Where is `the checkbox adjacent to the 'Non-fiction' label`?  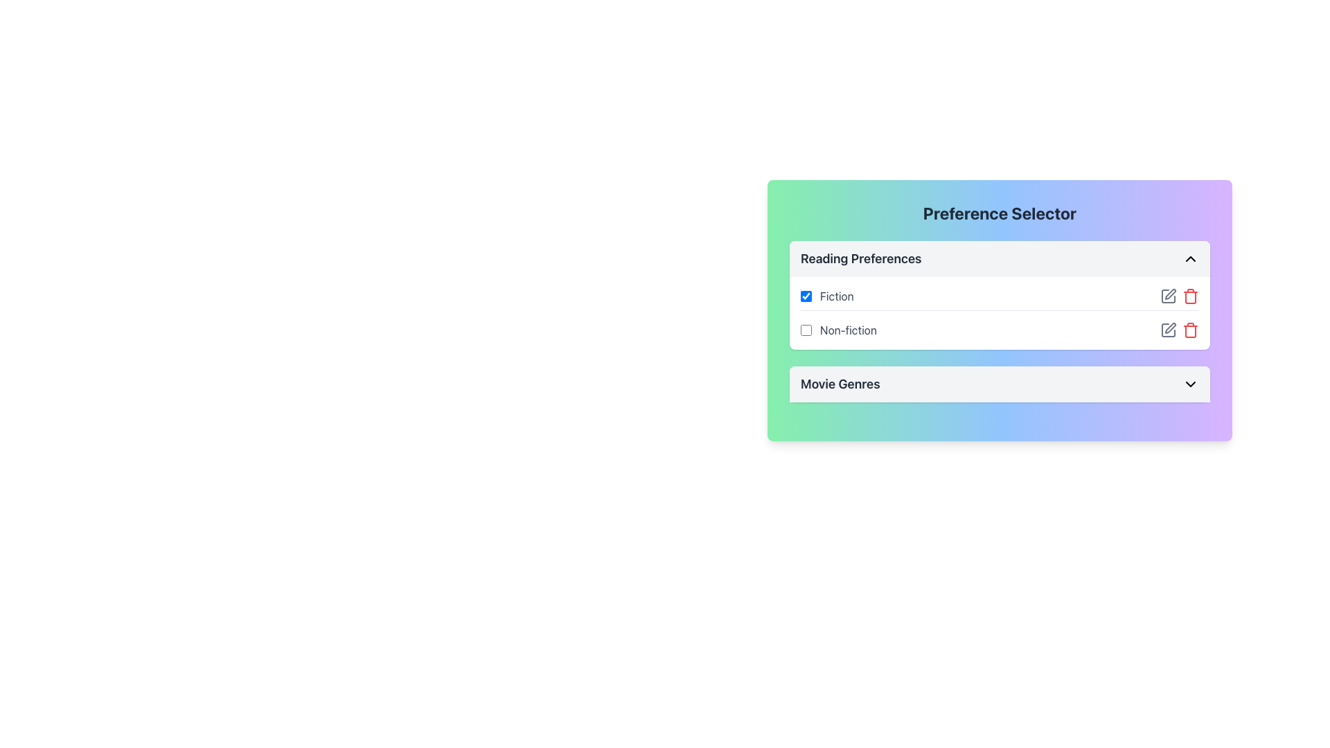
the checkbox adjacent to the 'Non-fiction' label is located at coordinates (806, 330).